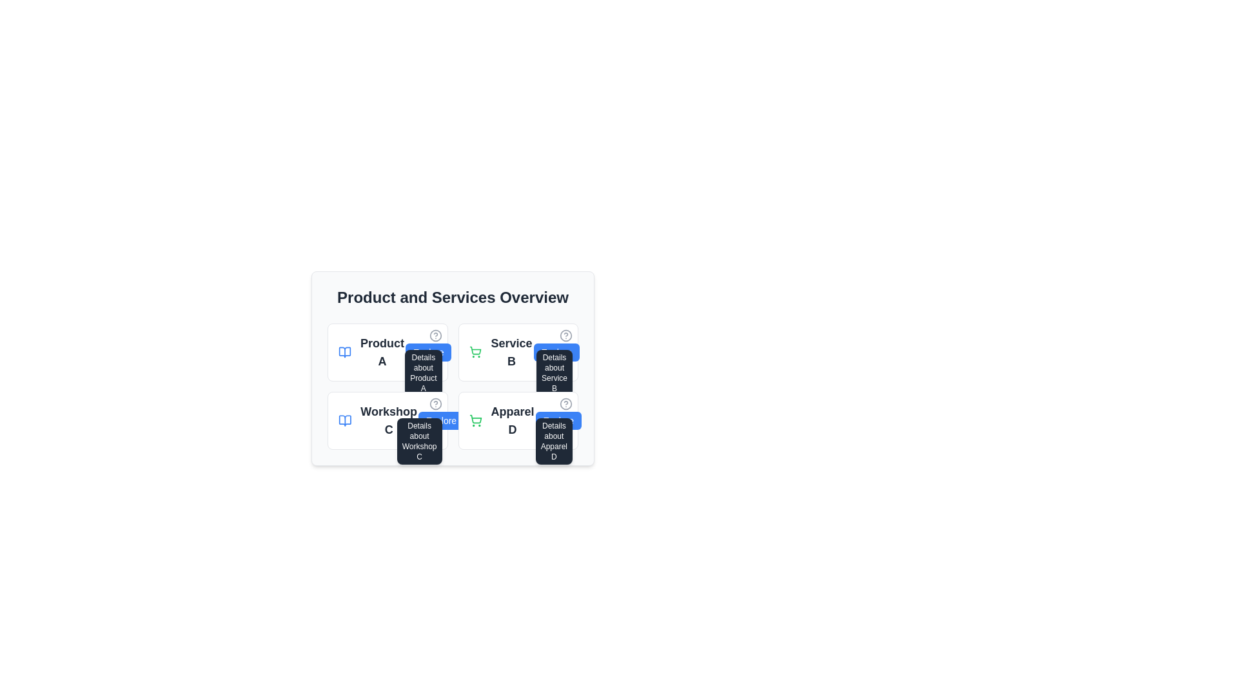  Describe the element at coordinates (377, 420) in the screenshot. I see `the text label that identifies 'Workshop C', which is located in the second row of the grid layout, adjacent to a blue book icon and above the 'Explore' button` at that location.